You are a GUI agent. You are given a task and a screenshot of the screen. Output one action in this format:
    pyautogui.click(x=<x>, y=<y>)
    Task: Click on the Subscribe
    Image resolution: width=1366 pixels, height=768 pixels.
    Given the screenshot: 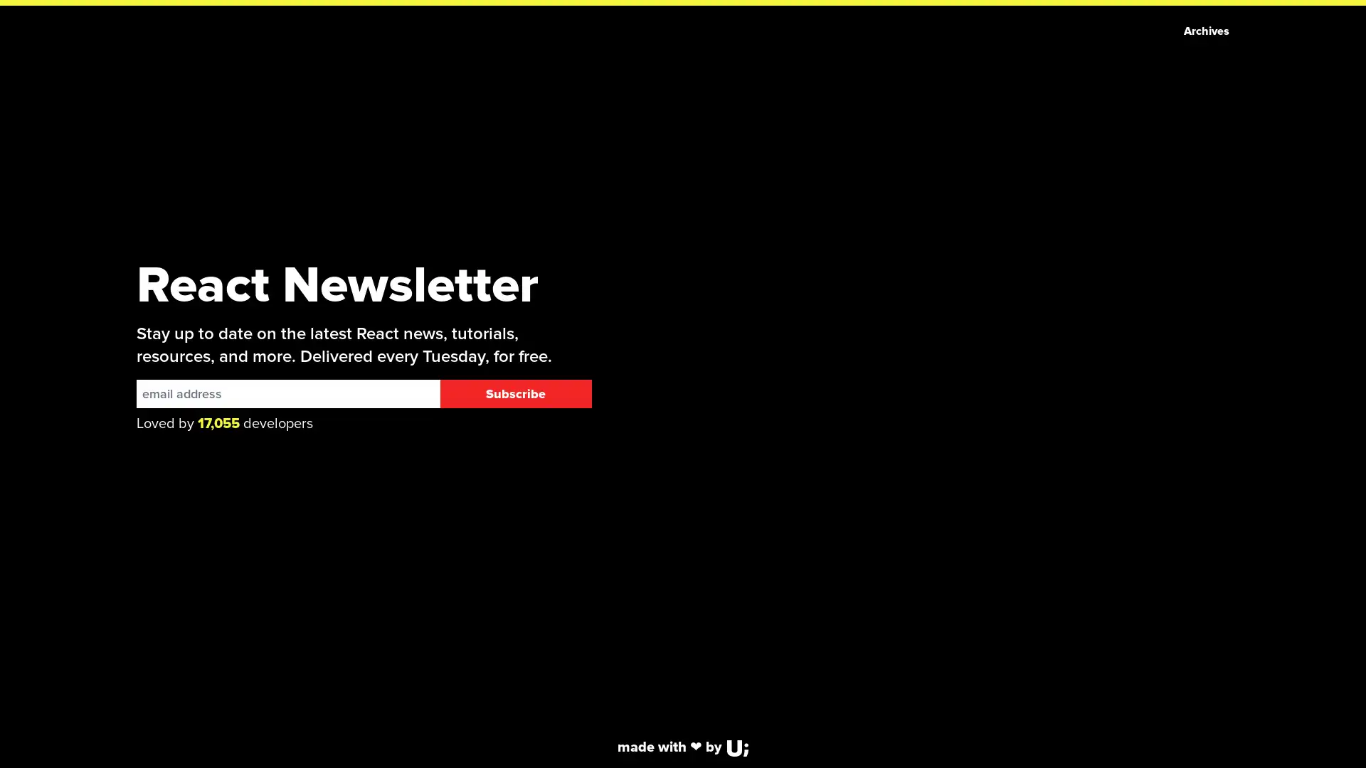 What is the action you would take?
    pyautogui.click(x=514, y=394)
    